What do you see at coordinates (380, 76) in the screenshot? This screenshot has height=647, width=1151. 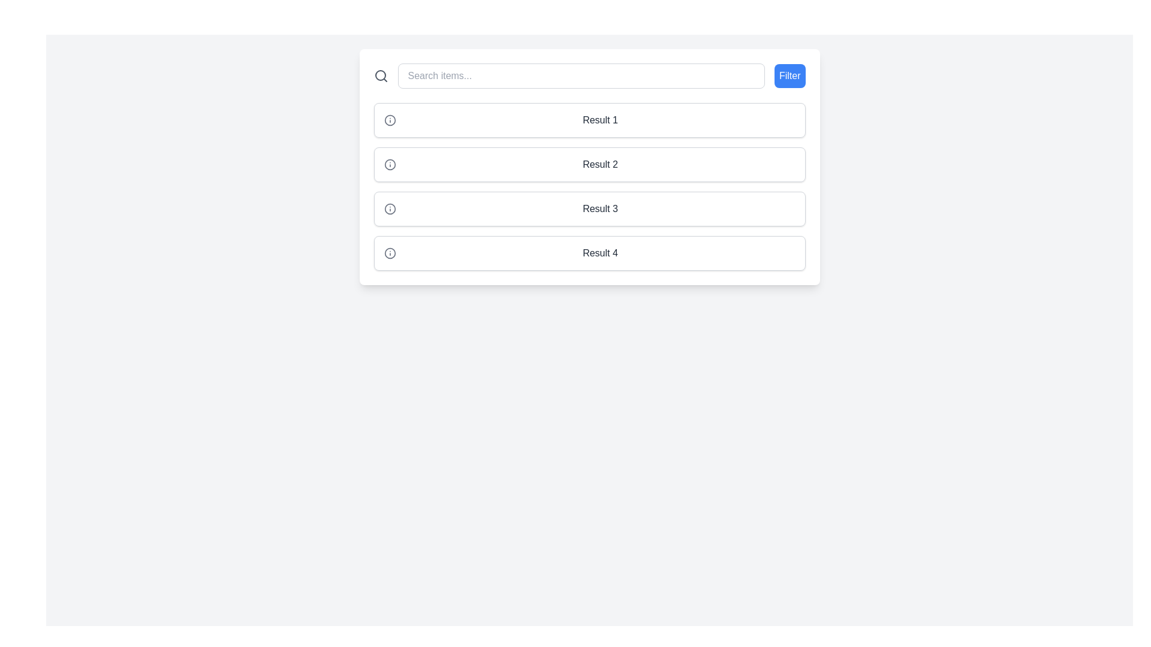 I see `the gray search icon, which is a simple line art magnifying glass located at the far left of a horizontal group containing a text input field and a blue filter button` at bounding box center [380, 76].